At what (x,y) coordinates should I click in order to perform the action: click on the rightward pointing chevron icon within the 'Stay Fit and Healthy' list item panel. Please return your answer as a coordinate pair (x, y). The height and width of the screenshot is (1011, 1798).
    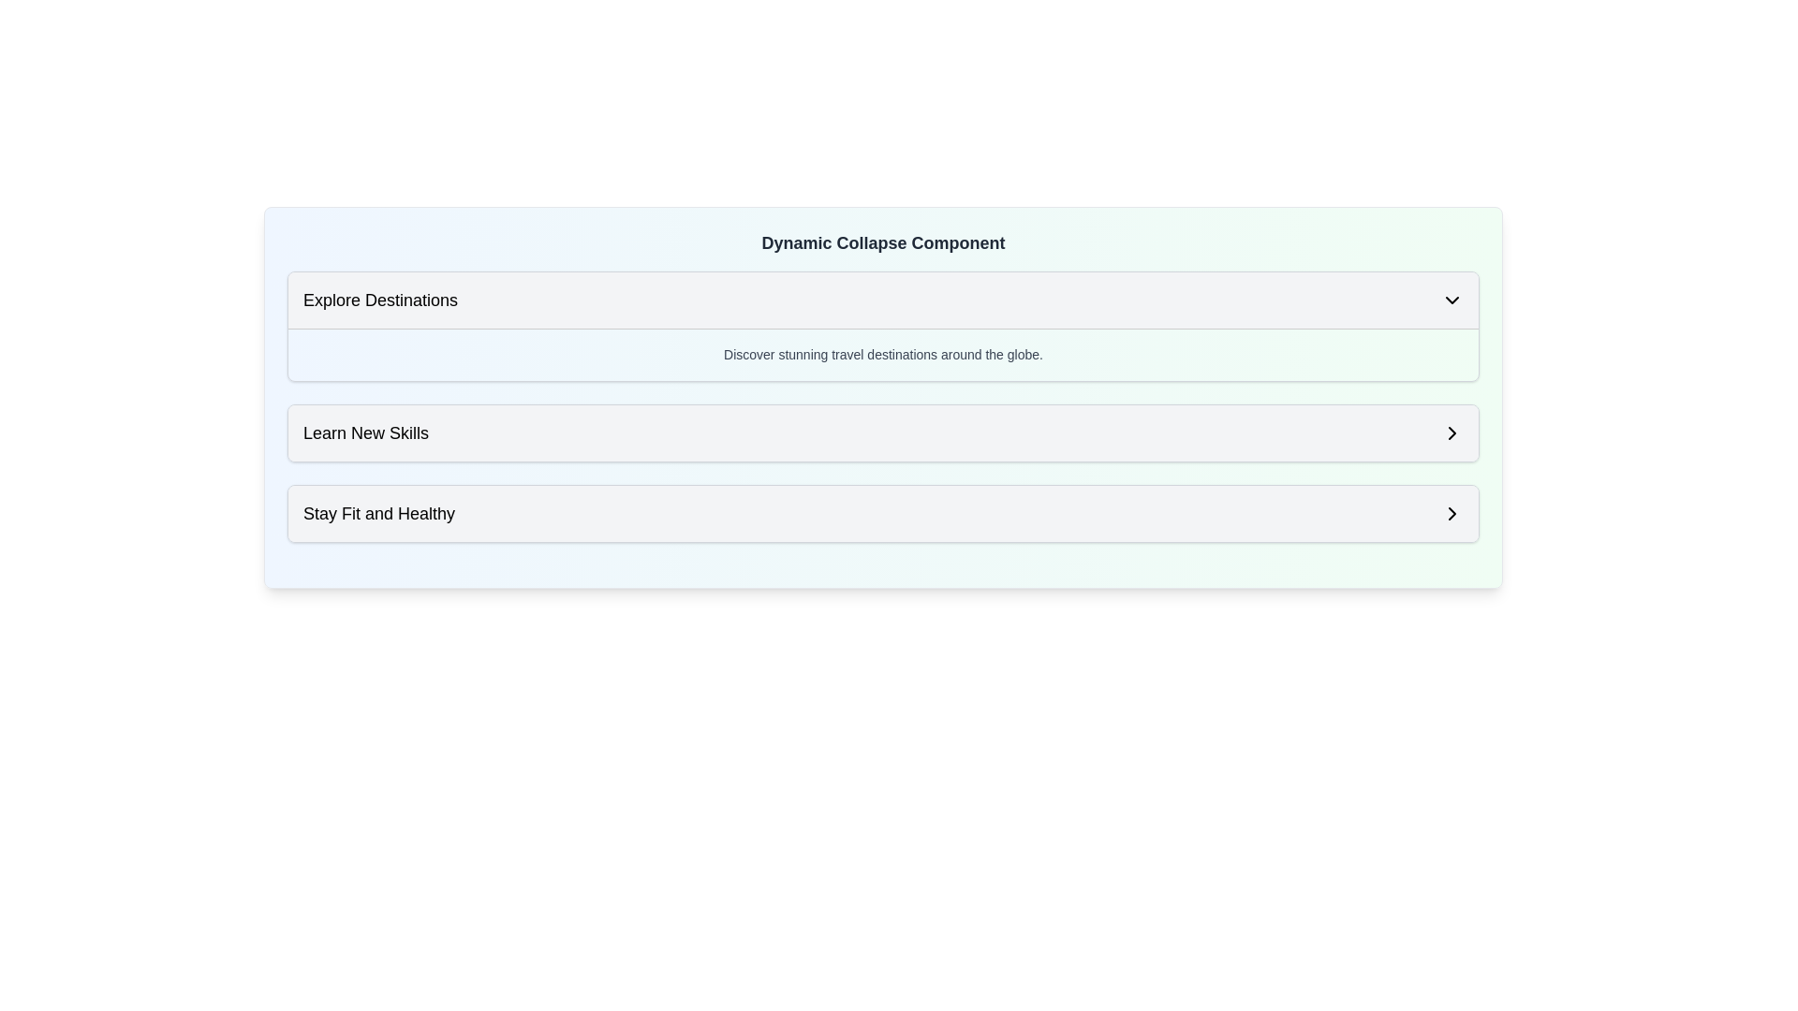
    Looking at the image, I should click on (1451, 512).